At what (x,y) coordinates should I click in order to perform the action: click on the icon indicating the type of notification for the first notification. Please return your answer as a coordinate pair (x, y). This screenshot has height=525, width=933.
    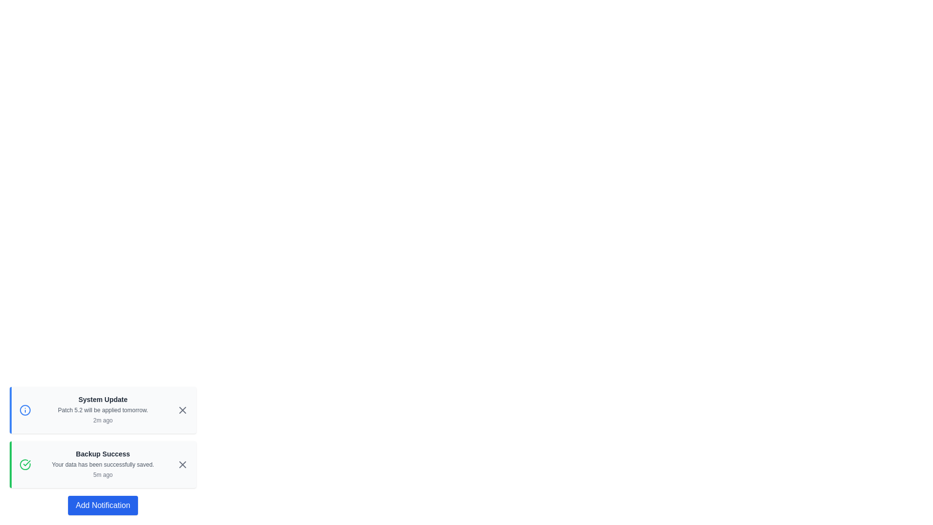
    Looking at the image, I should click on (25, 410).